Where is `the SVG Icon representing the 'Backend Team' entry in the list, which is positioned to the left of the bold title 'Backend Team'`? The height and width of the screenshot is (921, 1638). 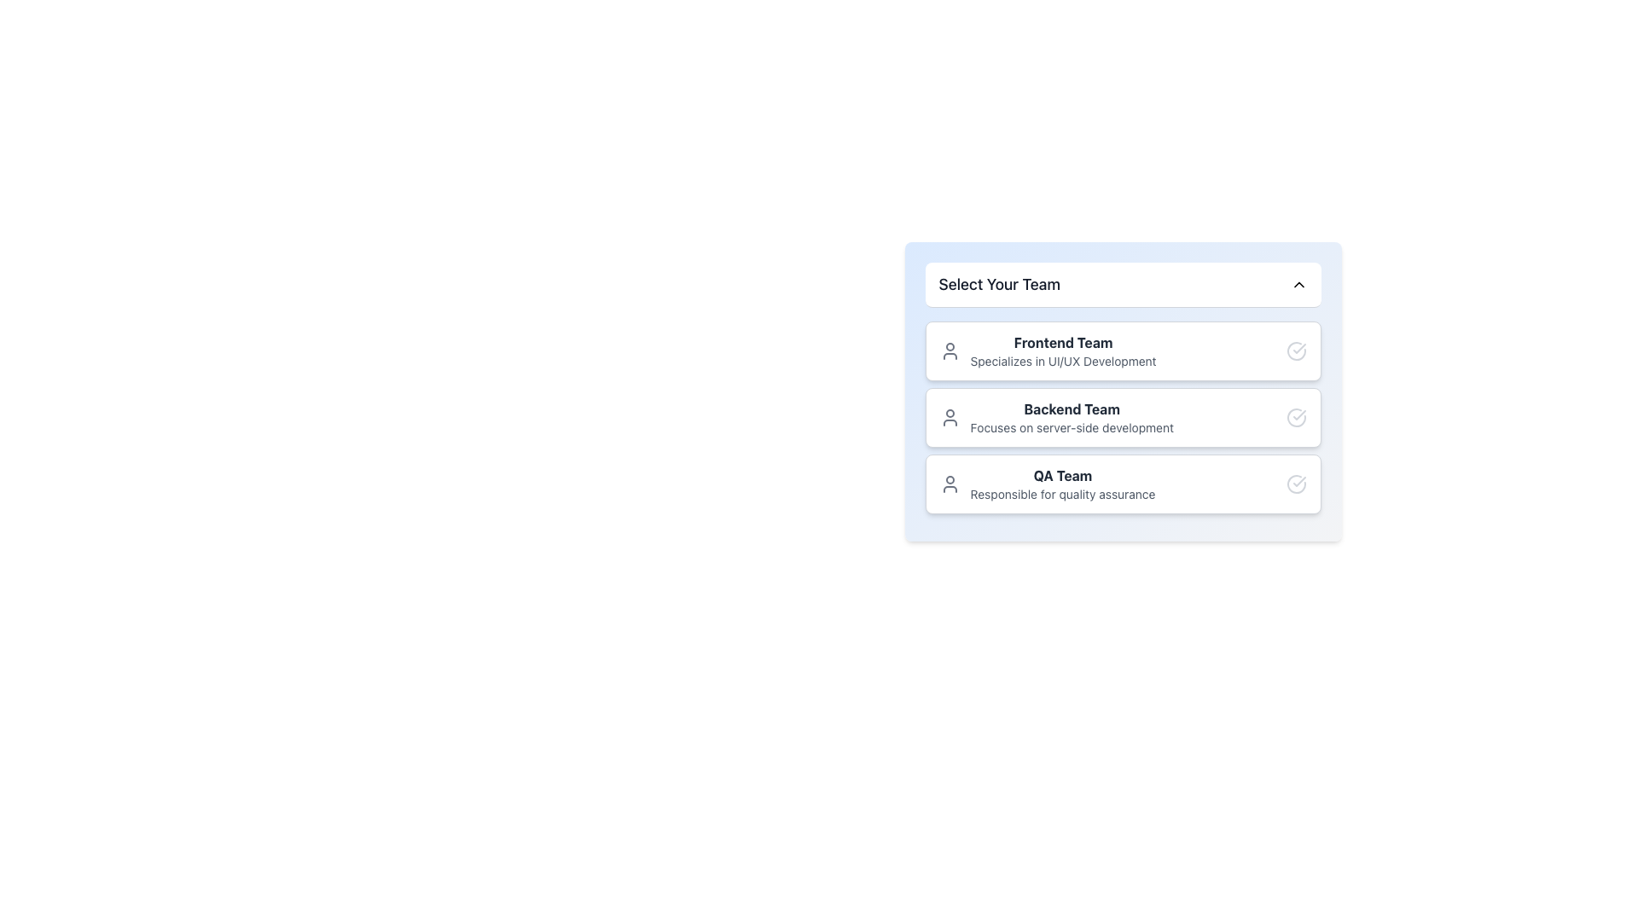 the SVG Icon representing the 'Backend Team' entry in the list, which is positioned to the left of the bold title 'Backend Team' is located at coordinates (949, 417).